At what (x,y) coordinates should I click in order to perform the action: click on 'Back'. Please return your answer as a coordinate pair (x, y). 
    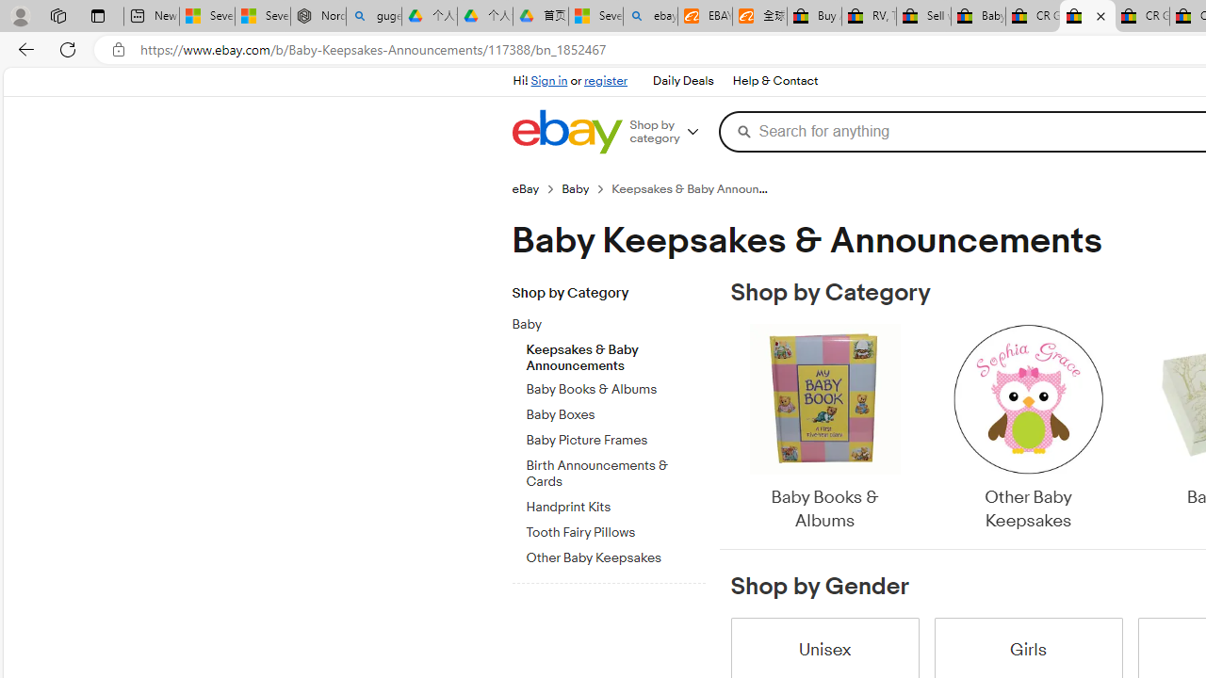
    Looking at the image, I should click on (23, 48).